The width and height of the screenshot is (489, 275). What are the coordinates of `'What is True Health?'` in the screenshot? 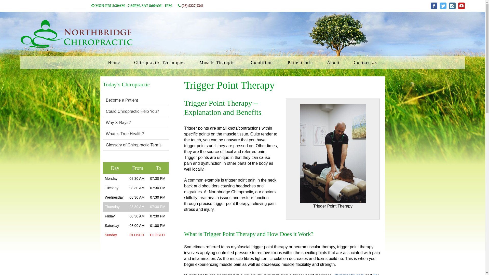 It's located at (125, 133).